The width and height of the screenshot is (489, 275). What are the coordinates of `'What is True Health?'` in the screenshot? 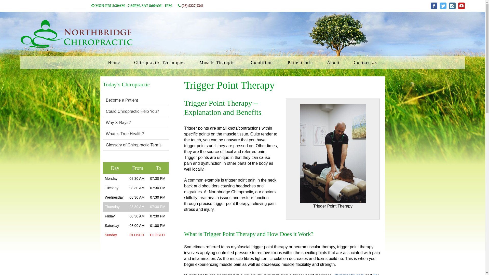 It's located at (125, 133).